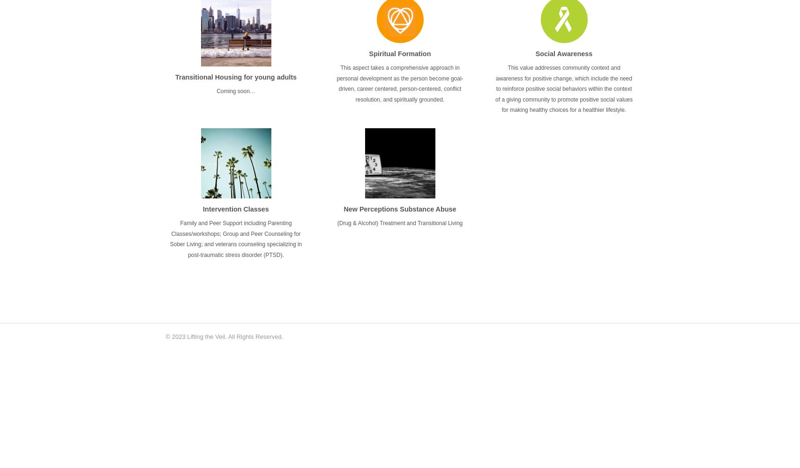  What do you see at coordinates (236, 77) in the screenshot?
I see `'Transitional Housing for young adults'` at bounding box center [236, 77].